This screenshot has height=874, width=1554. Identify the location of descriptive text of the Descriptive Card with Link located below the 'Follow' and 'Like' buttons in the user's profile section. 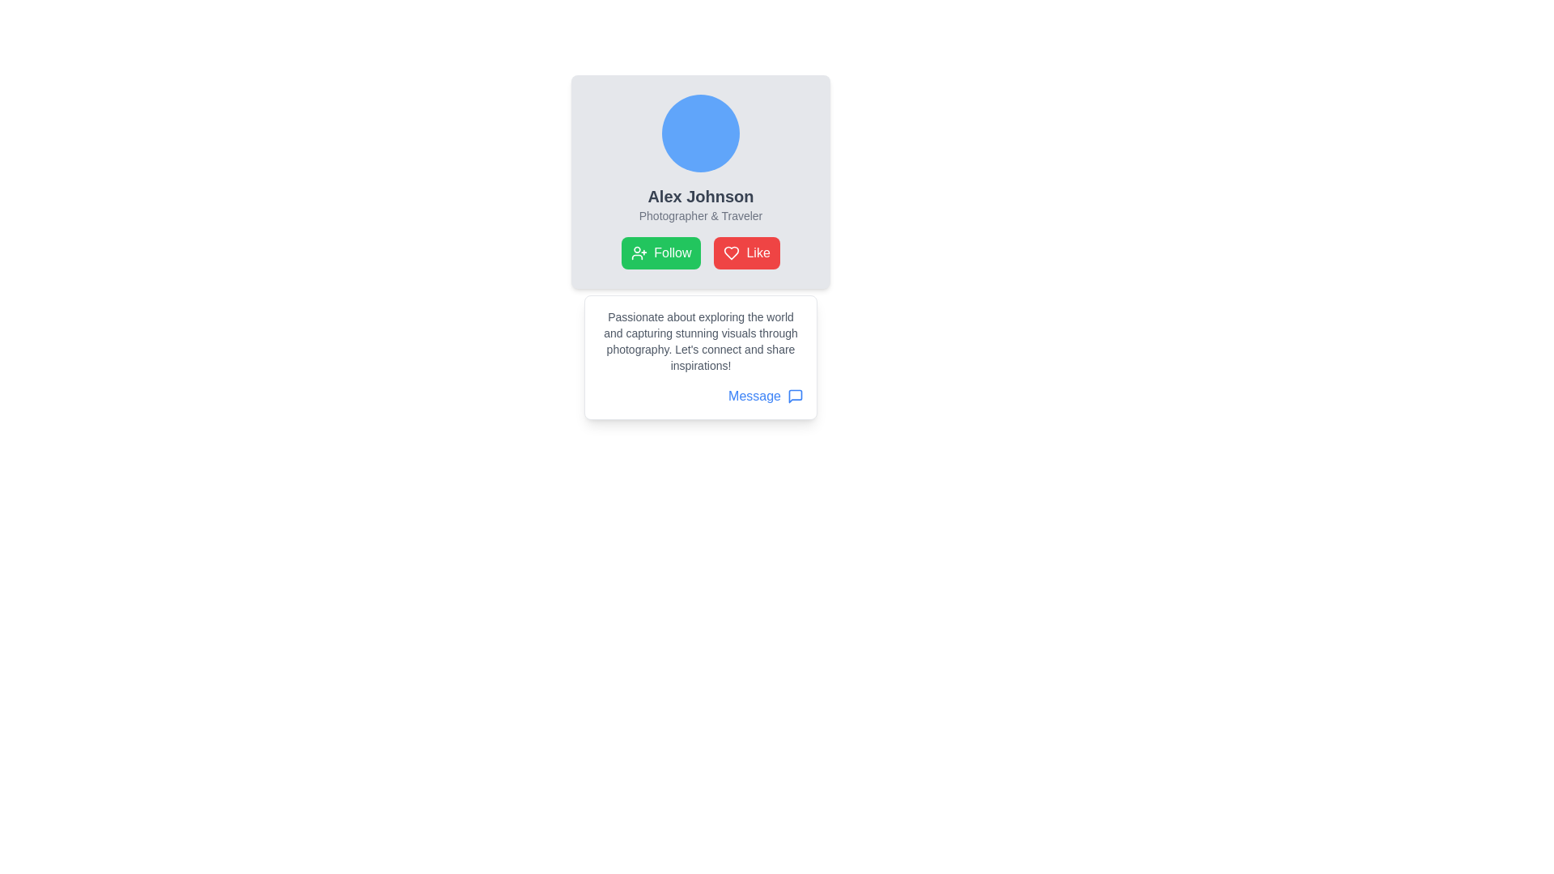
(700, 357).